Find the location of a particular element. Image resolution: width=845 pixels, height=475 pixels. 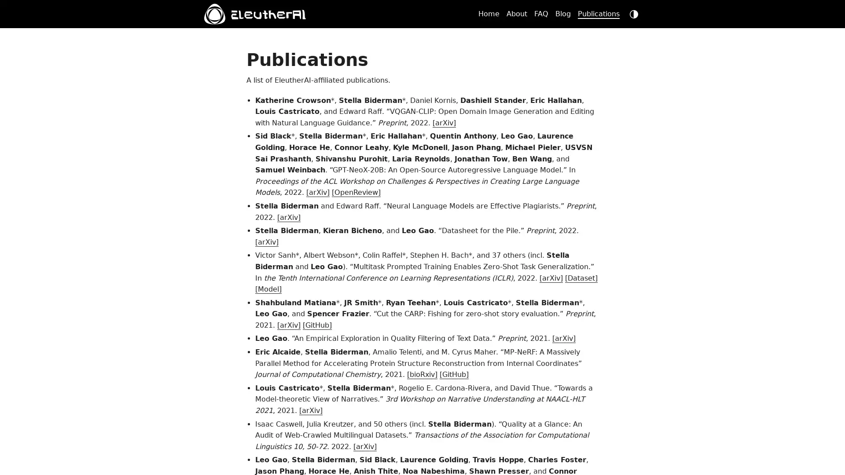

dark mode switch button is located at coordinates (634, 14).